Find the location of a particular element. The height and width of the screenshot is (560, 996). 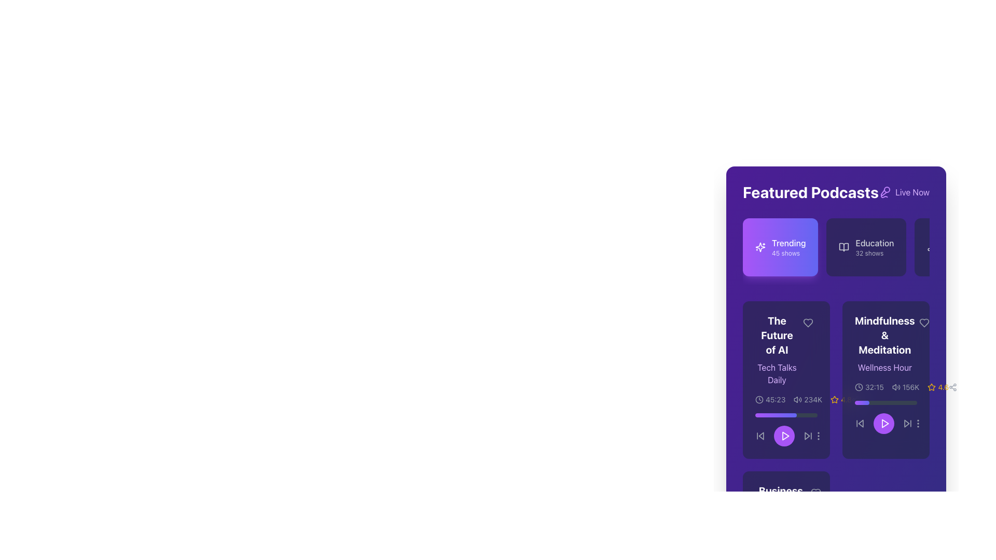

the open book icon located in the 'Education' card of the 'Featured Podcasts' section is located at coordinates (844, 247).